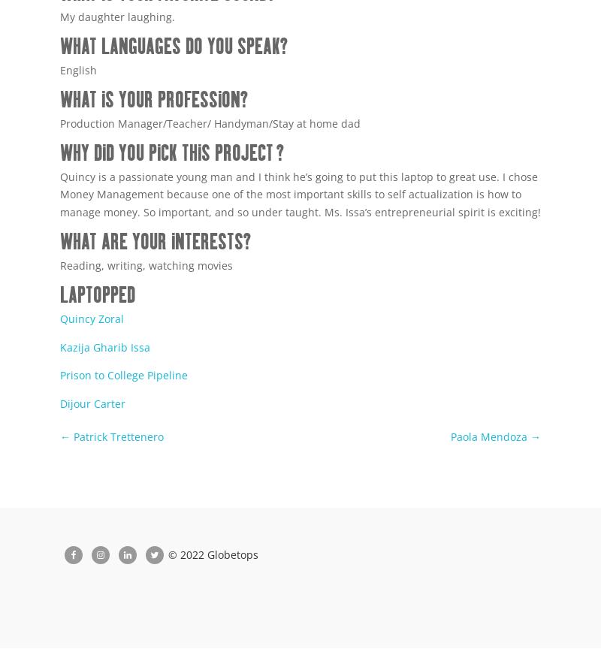 The width and height of the screenshot is (601, 649). I want to click on 'Production Manager/Teacher/ Handyman/Stay at home dad', so click(210, 122).